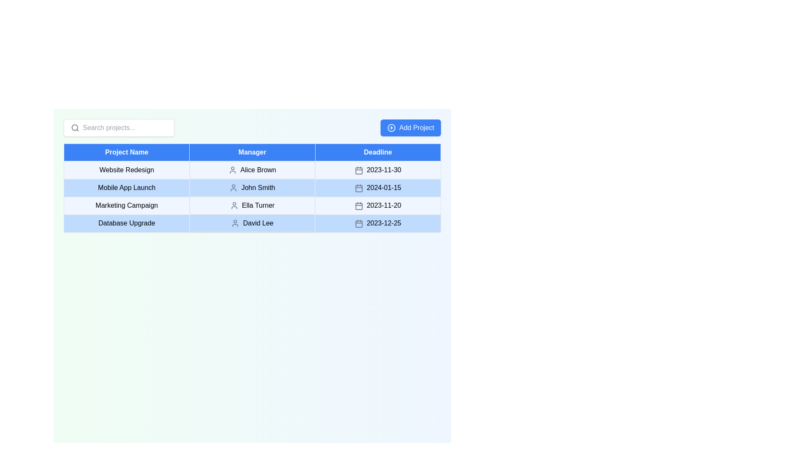 The height and width of the screenshot is (456, 811). Describe the element at coordinates (359, 188) in the screenshot. I see `the calendar icon located in the Deadline column beside the date '2024-01-15' for the 'Mobile App Launch' row` at that location.